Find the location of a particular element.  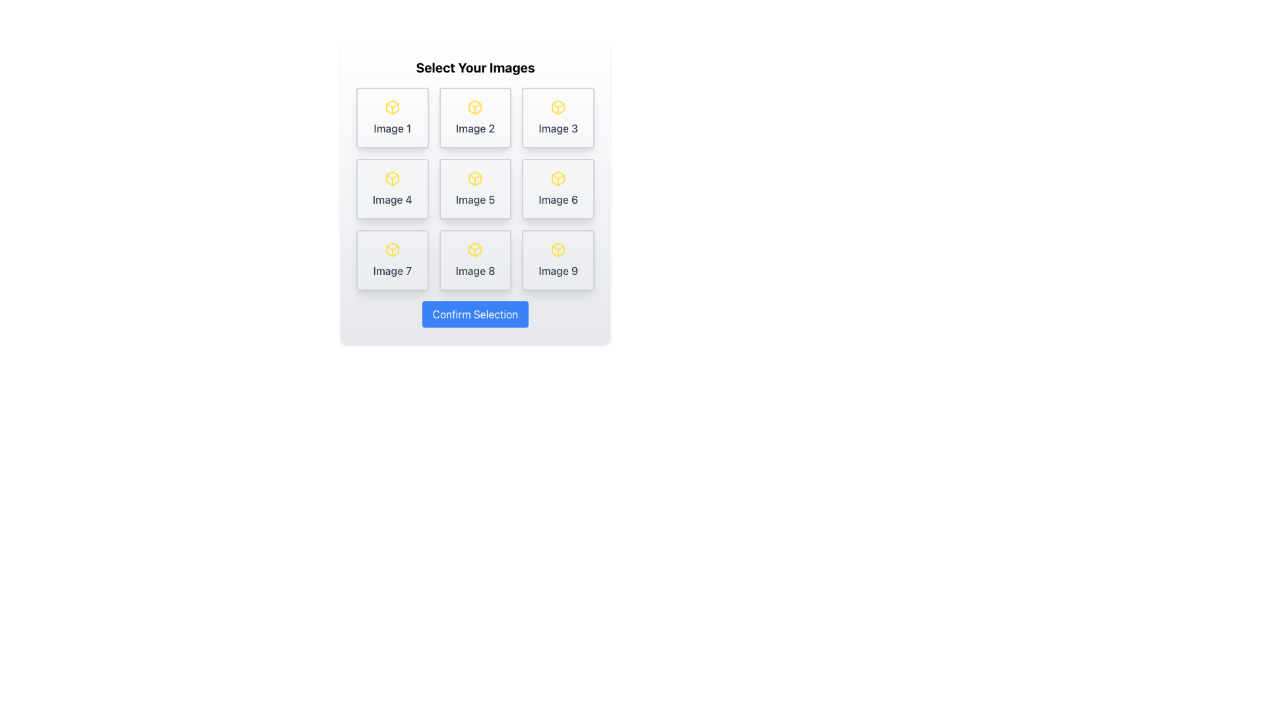

the decorative icon that visually represents an image, which is centered above the text 'Image 4' in a 3x3 grid layout is located at coordinates (391, 178).